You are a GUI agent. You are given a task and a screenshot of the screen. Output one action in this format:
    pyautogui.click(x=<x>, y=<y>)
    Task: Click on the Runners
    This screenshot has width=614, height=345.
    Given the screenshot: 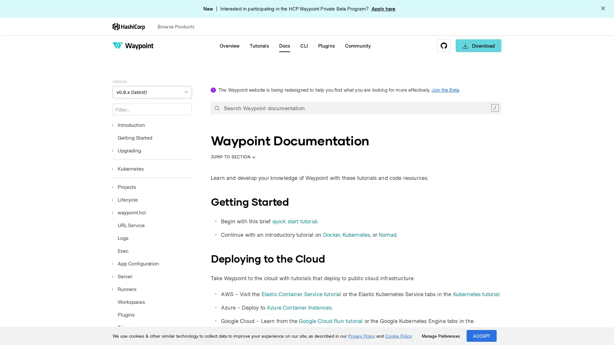 What is the action you would take?
    pyautogui.click(x=124, y=289)
    